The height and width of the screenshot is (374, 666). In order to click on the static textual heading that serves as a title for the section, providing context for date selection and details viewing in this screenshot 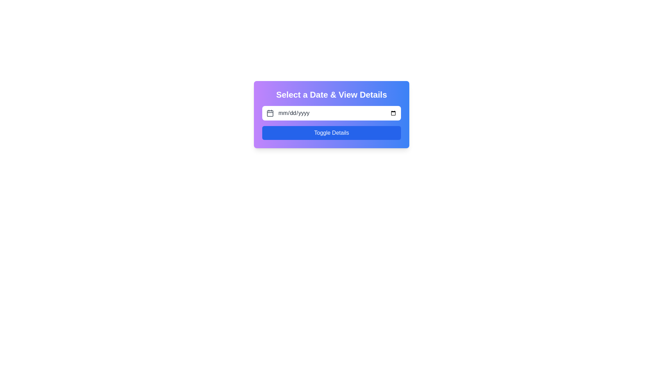, I will do `click(331, 95)`.